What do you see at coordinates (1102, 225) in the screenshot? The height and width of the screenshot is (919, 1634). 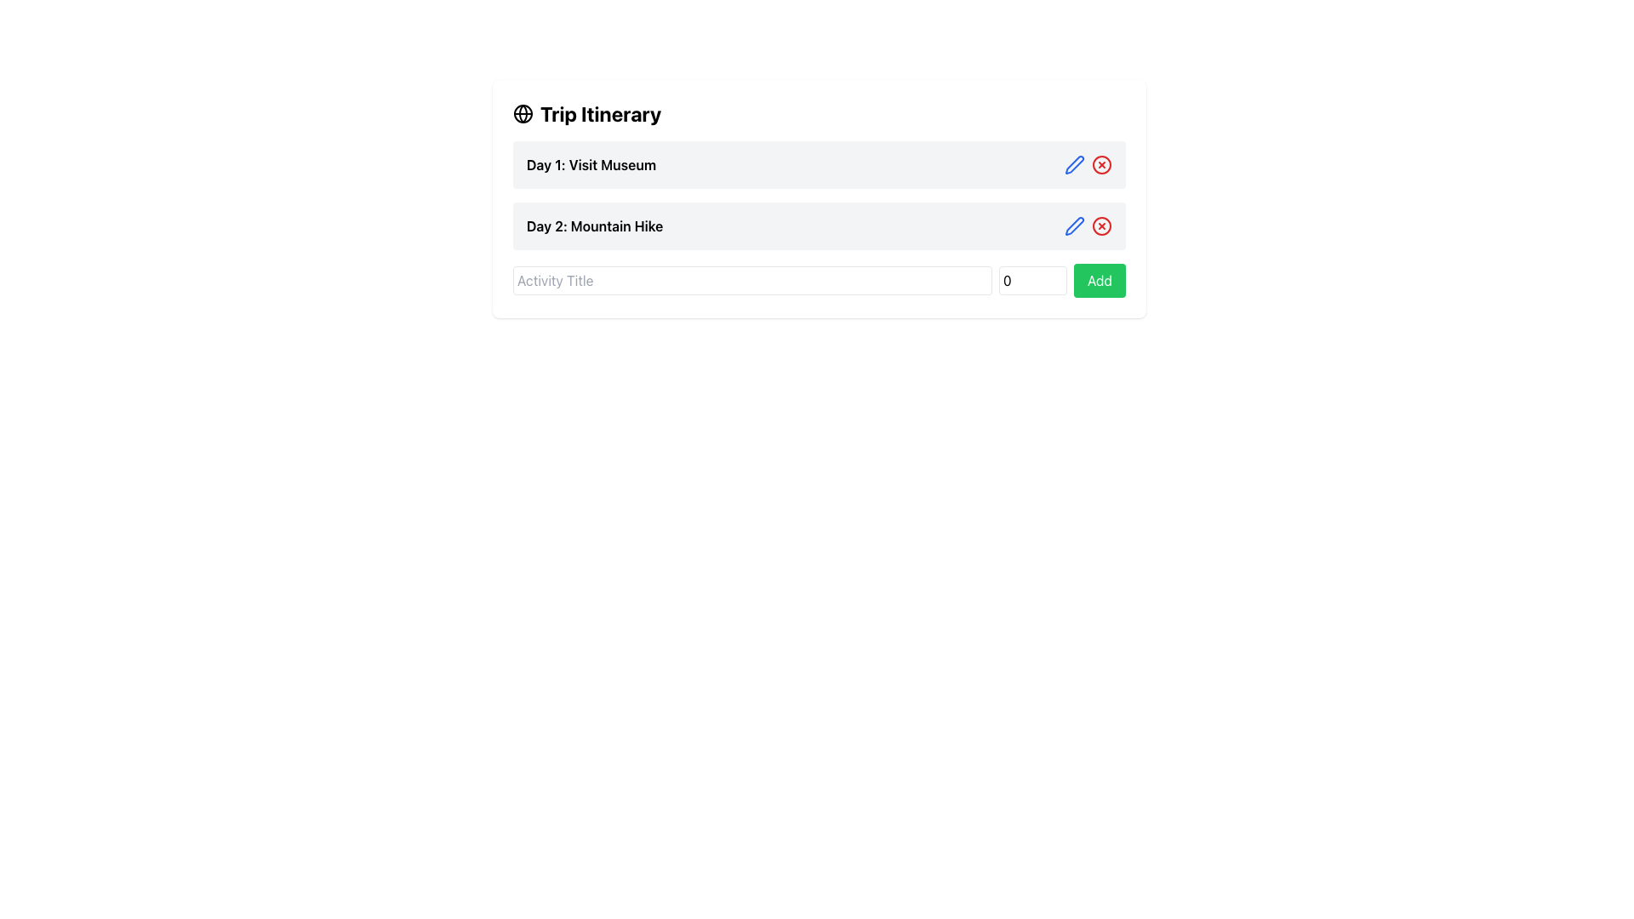 I see `the circular component of the close or delete button located to the far right of the second row in the list titled 'Day 2: Mountain Hike'` at bounding box center [1102, 225].